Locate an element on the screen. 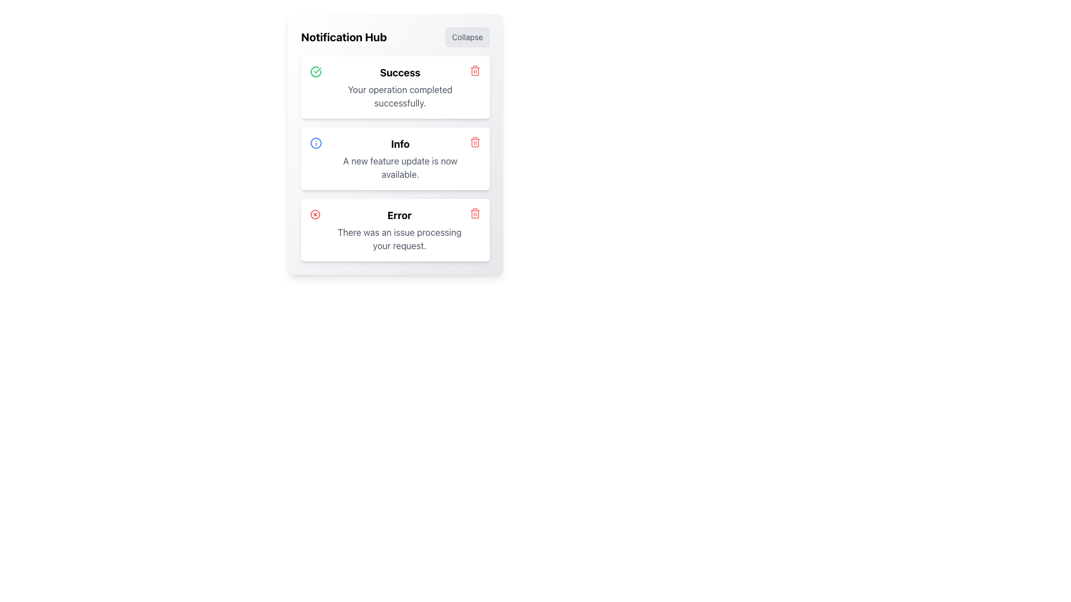  the button located in the top-right corner of the 'Notification Hub' is located at coordinates (467, 36).